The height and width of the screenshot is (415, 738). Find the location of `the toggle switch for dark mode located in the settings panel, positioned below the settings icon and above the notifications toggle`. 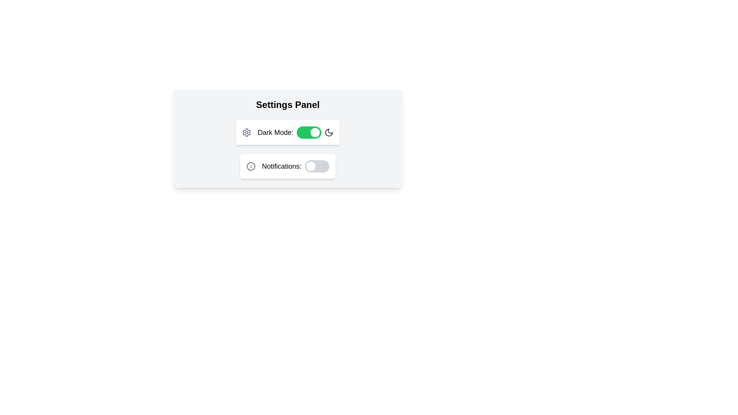

the toggle switch for dark mode located in the settings panel, positioned below the settings icon and above the notifications toggle is located at coordinates (295, 132).